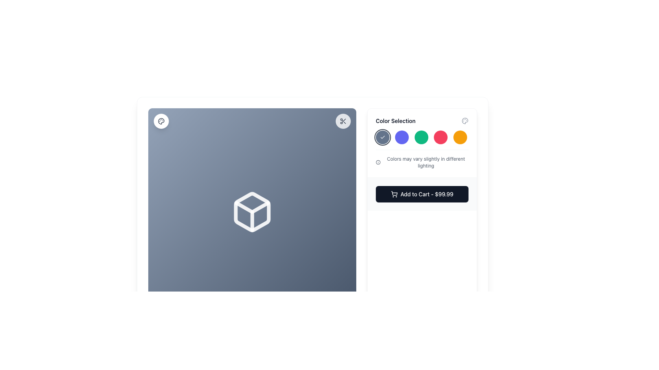  Describe the element at coordinates (421, 159) in the screenshot. I see `the informational text with an icon that provides additional context about color variations, located below the color options and above the 'Add to Cart' button` at that location.